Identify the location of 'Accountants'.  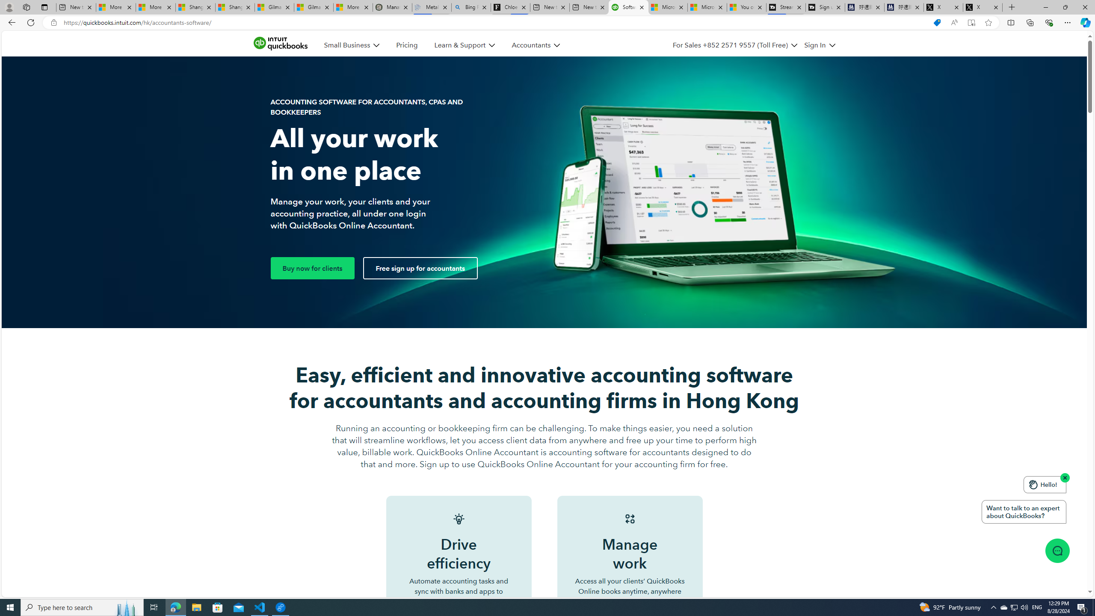
(536, 45).